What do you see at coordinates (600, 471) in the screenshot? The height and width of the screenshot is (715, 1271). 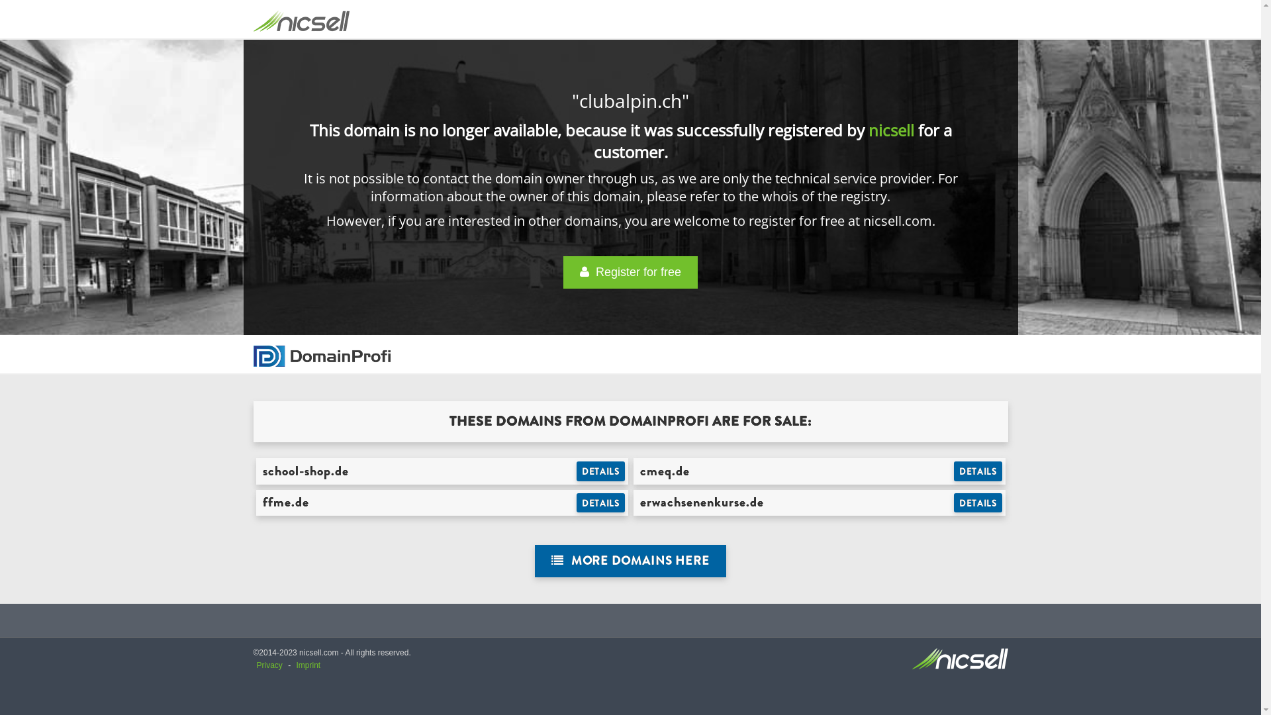 I see `'DETAILS'` at bounding box center [600, 471].